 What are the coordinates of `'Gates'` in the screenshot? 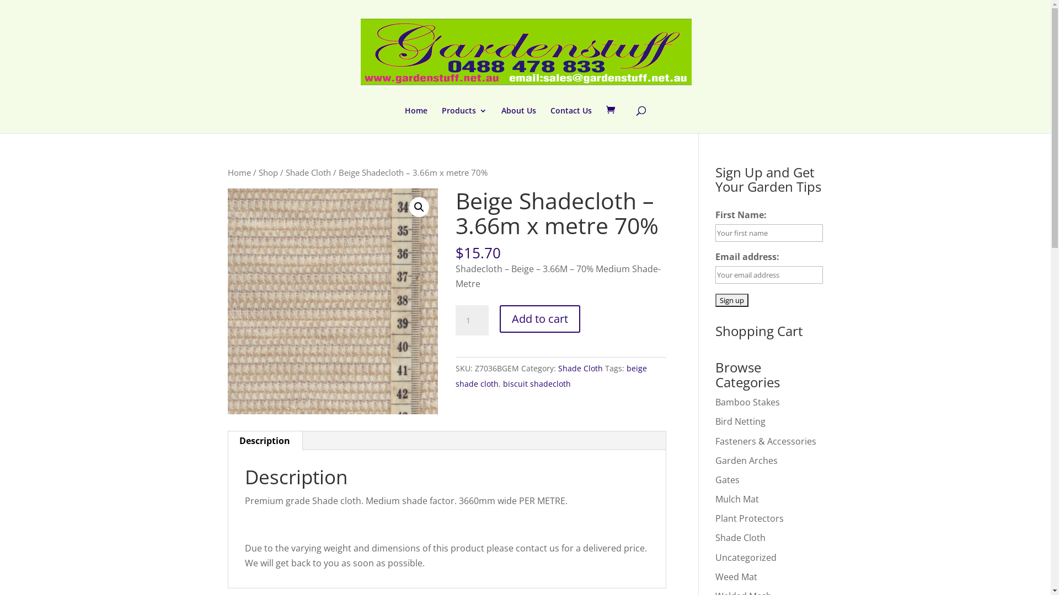 It's located at (715, 479).